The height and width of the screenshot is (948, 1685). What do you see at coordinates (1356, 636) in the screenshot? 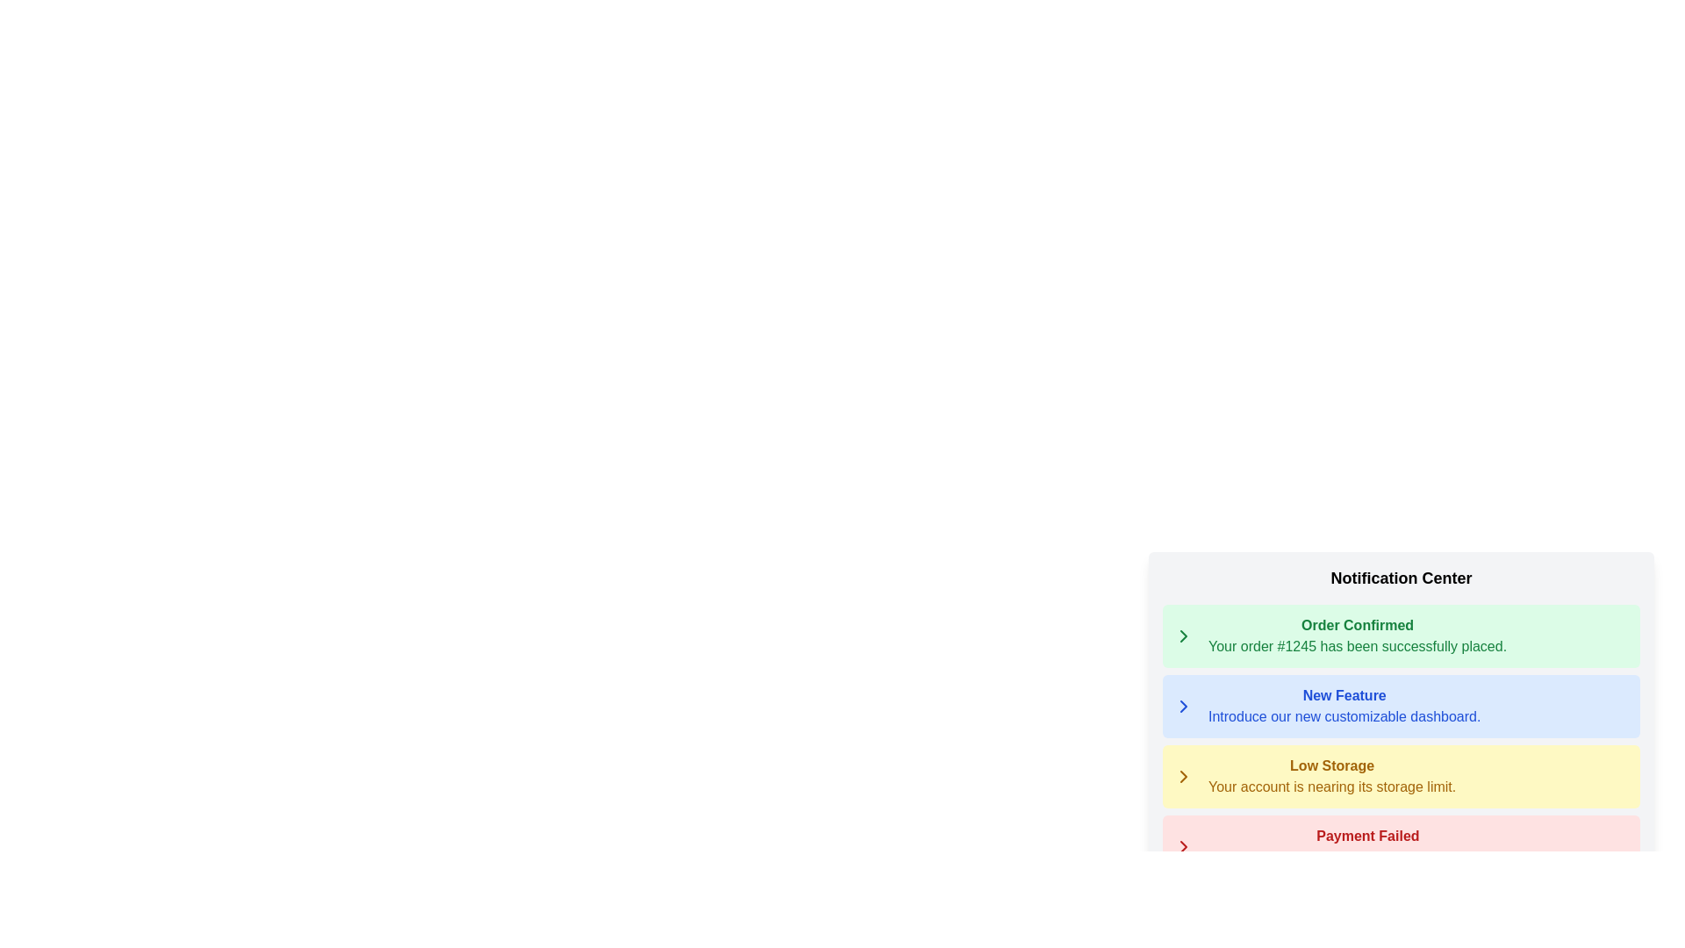
I see `confirmation message indicating the successful placement of order #1245, which is the first notification in the 'Notification Center'` at bounding box center [1356, 636].